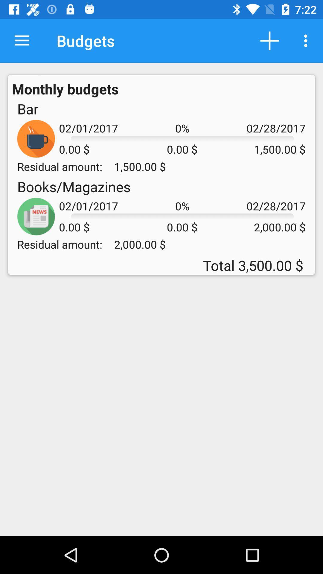 This screenshot has width=323, height=574. What do you see at coordinates (269, 40) in the screenshot?
I see `item above 02/28/2017 icon` at bounding box center [269, 40].